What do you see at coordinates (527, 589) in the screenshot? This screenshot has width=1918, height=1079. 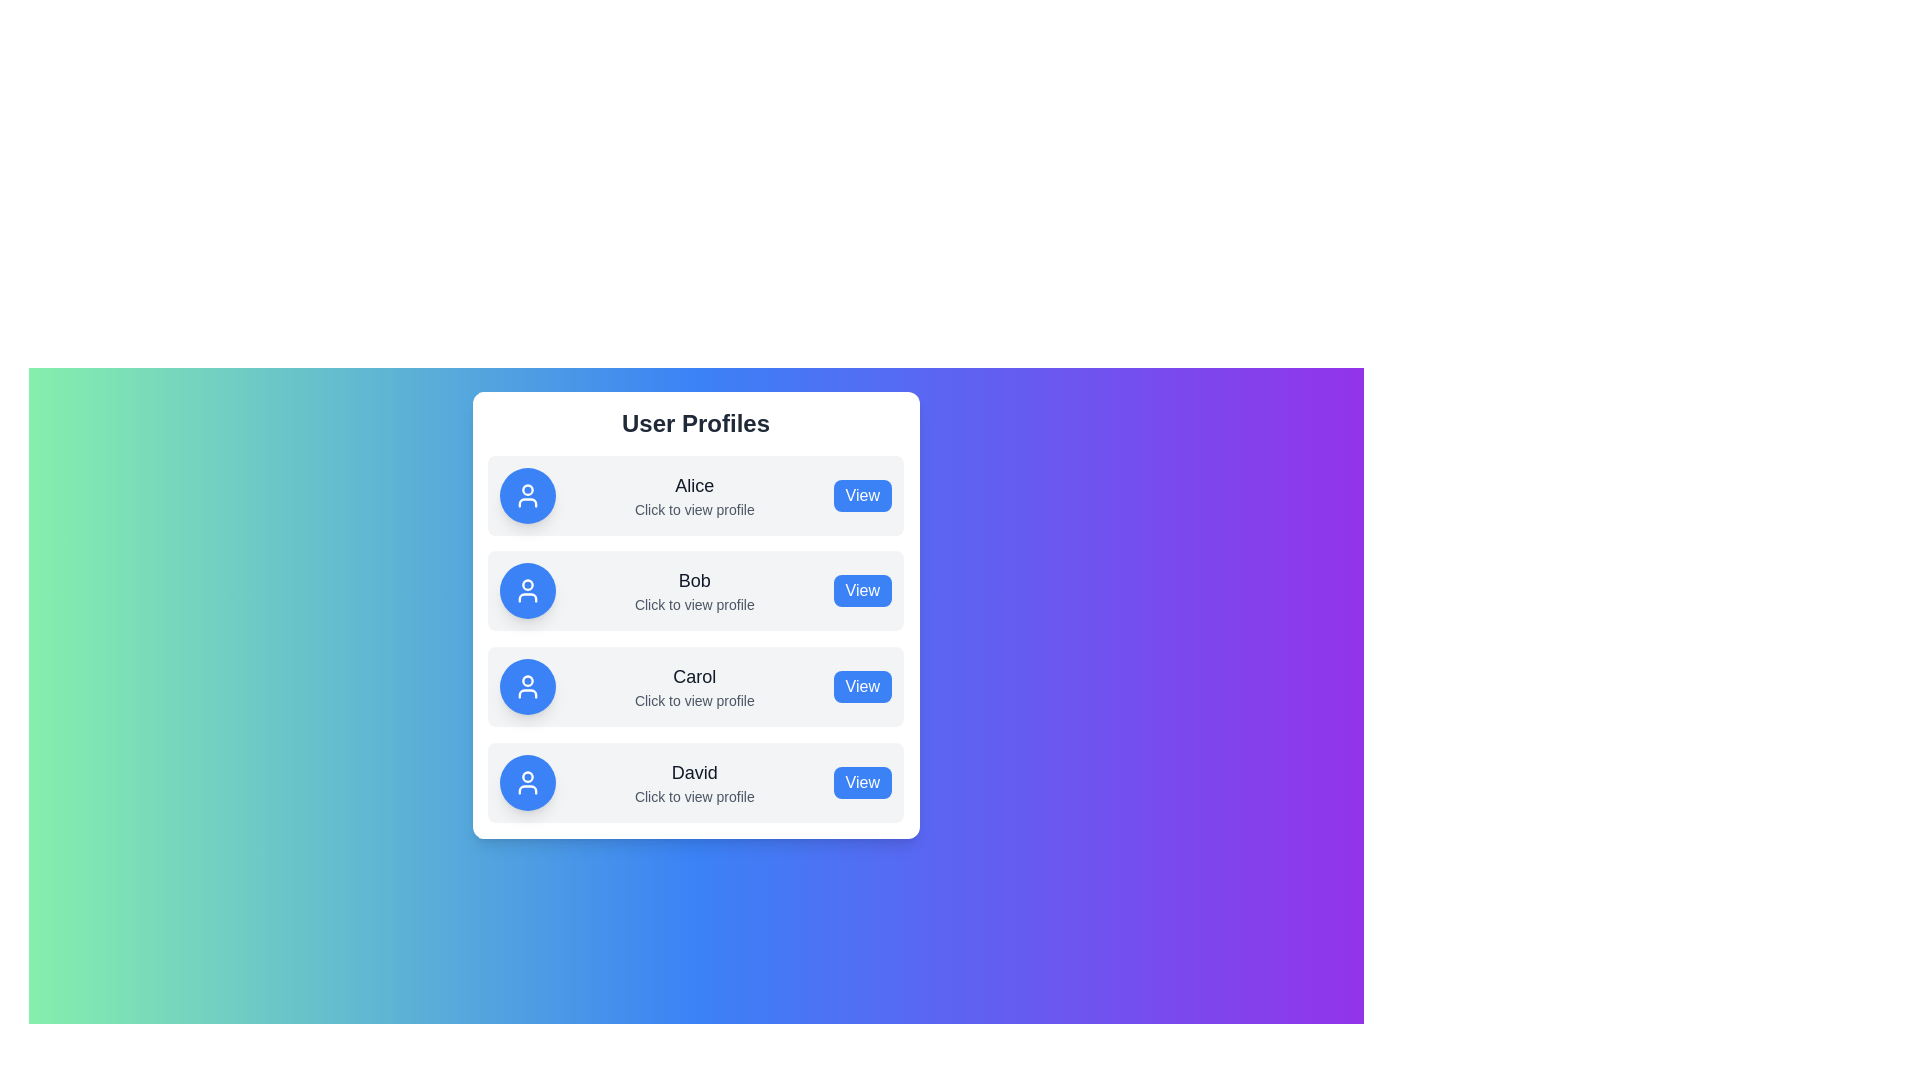 I see `the profile icon representing 'Bob', located in the second row of the profile list, to the left of the text 'Bob' and the 'View' button` at bounding box center [527, 589].